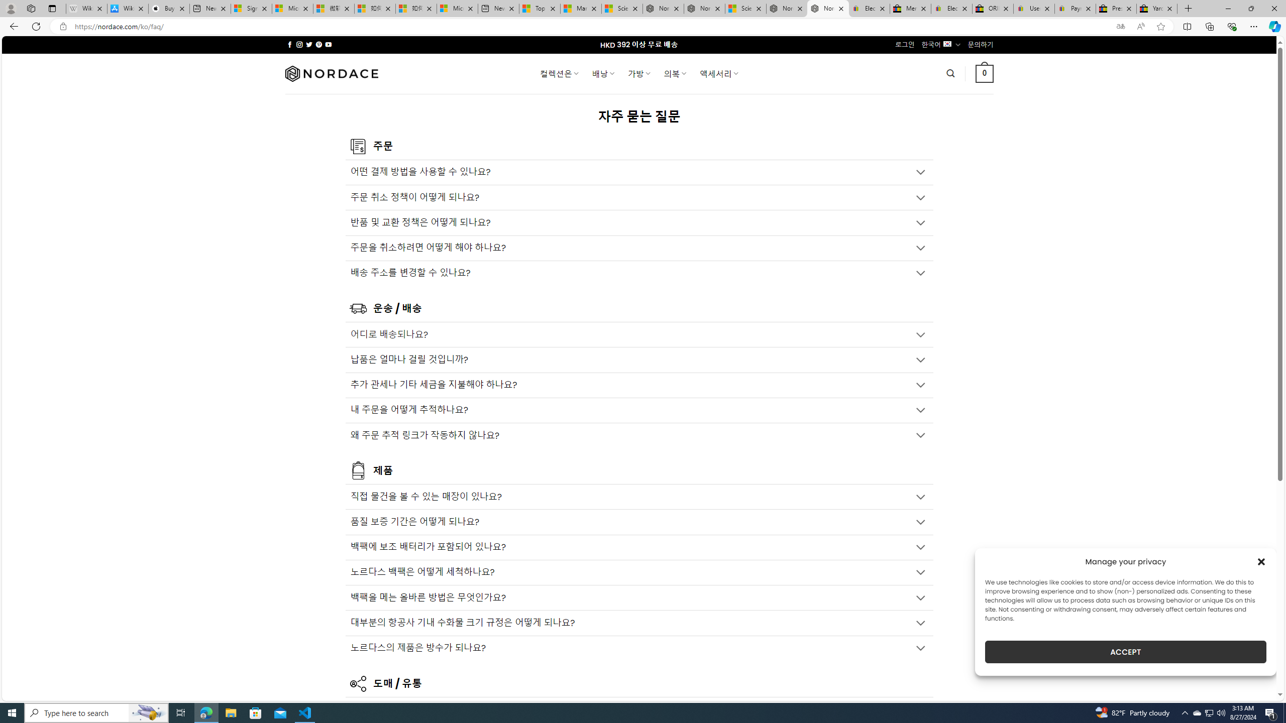 The width and height of the screenshot is (1286, 723). Describe the element at coordinates (985, 73) in the screenshot. I see `'  0  '` at that location.